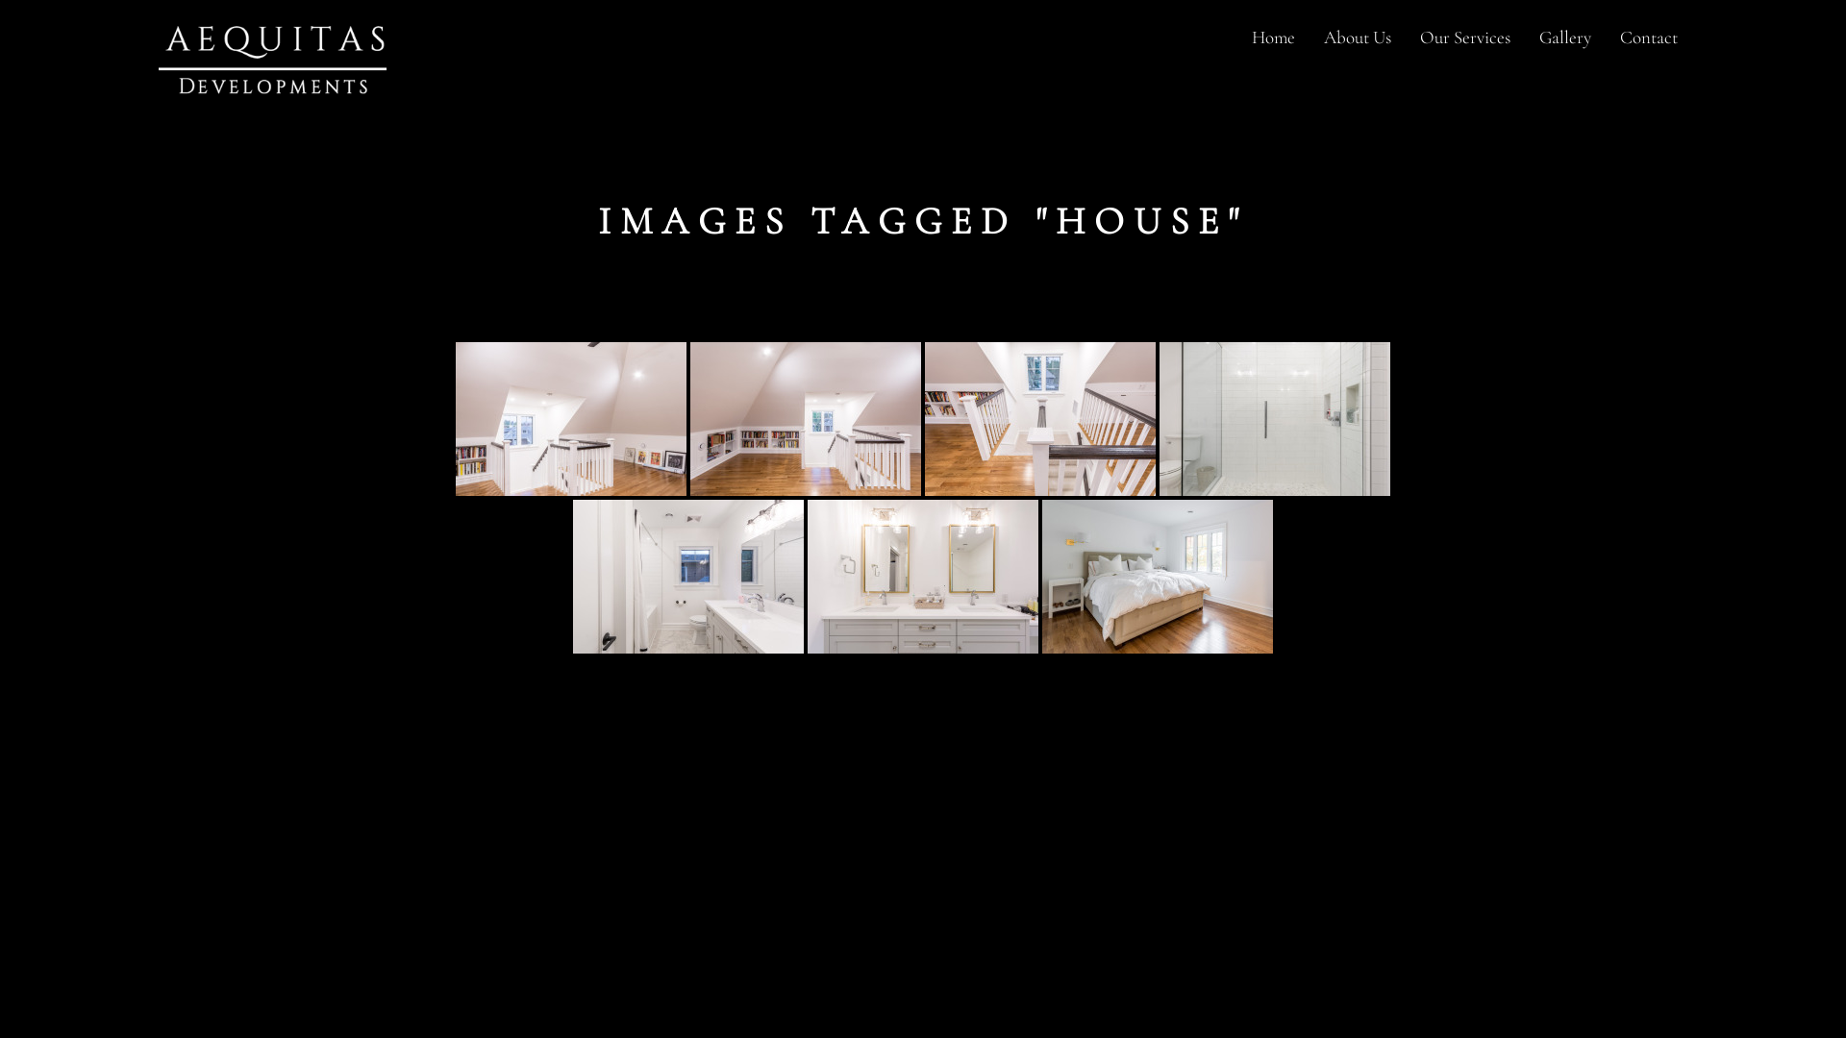 Image resolution: width=1846 pixels, height=1038 pixels. Describe the element at coordinates (1564, 37) in the screenshot. I see `'Gallery'` at that location.